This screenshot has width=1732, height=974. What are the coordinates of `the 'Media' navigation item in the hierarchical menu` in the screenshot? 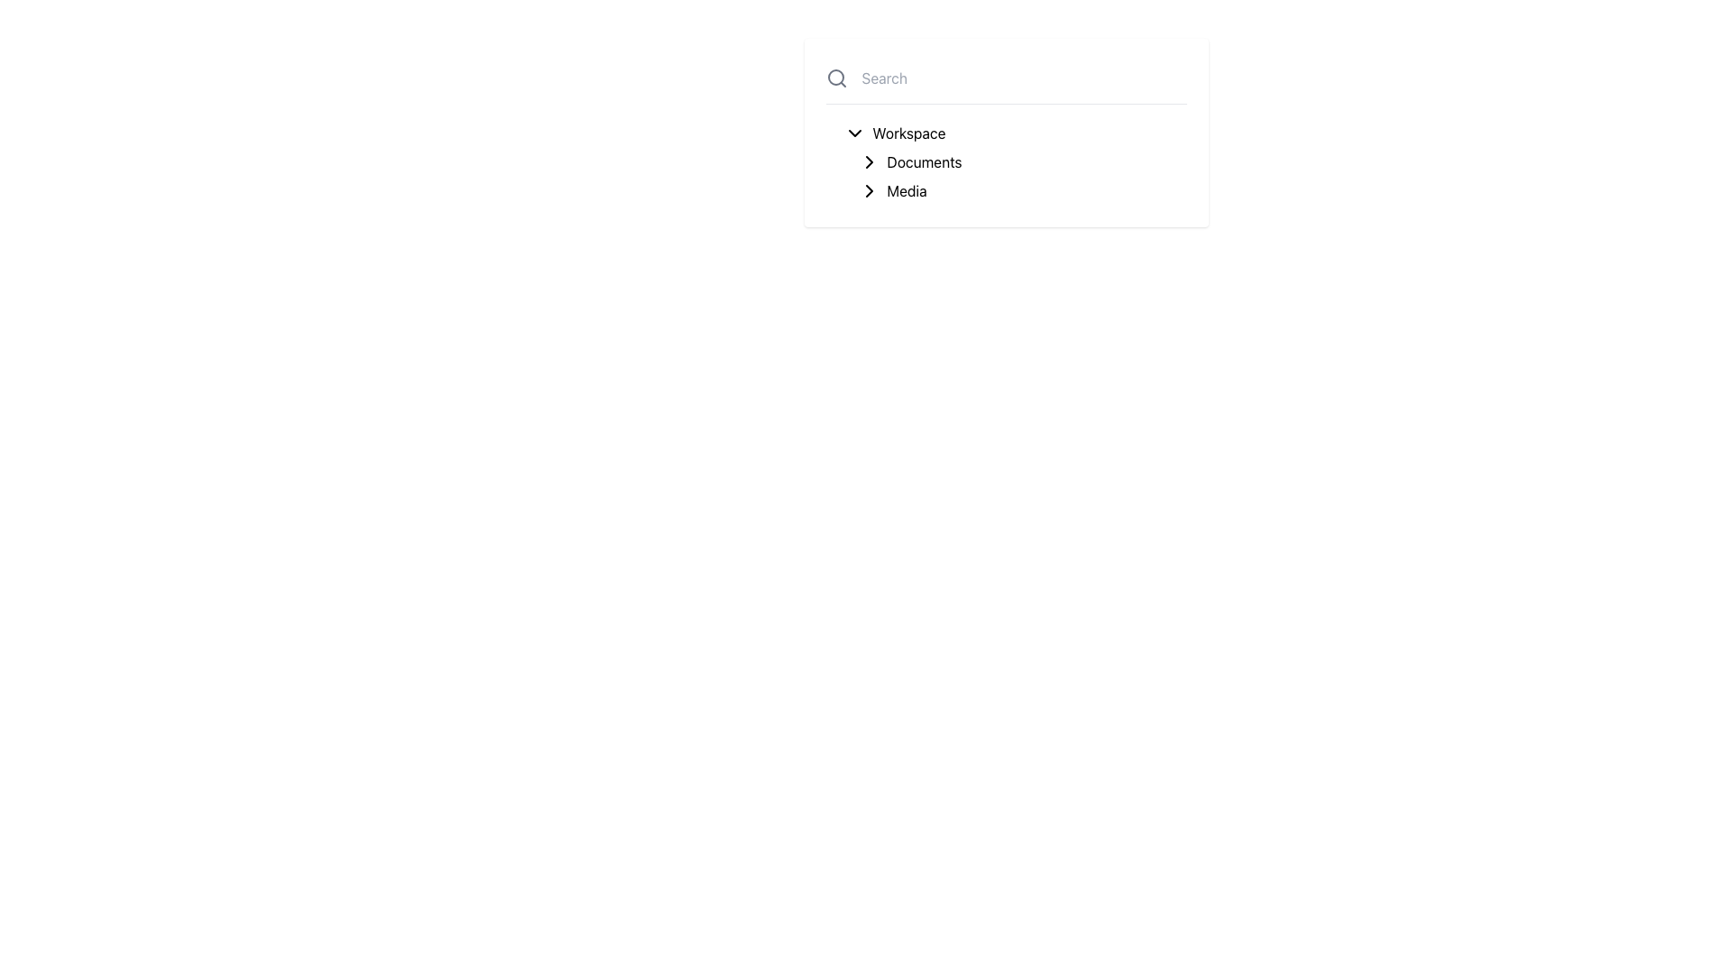 It's located at (1013, 191).